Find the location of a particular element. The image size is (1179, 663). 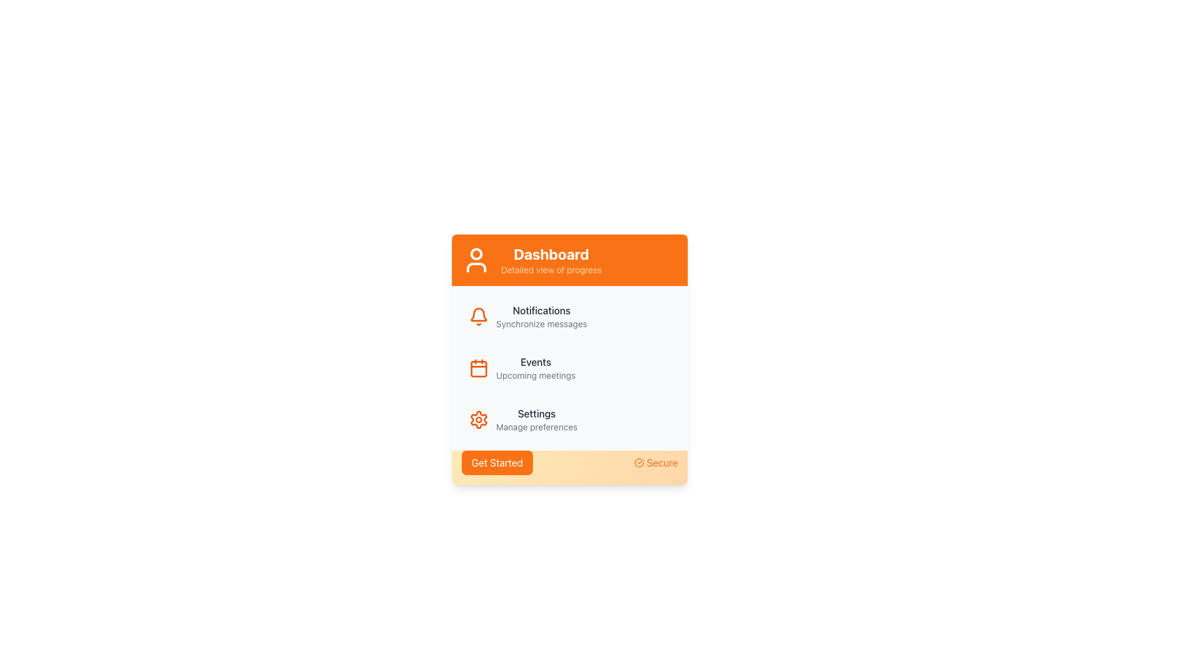

the Events icon located in the main panel under the Dashboard view is located at coordinates (478, 368).